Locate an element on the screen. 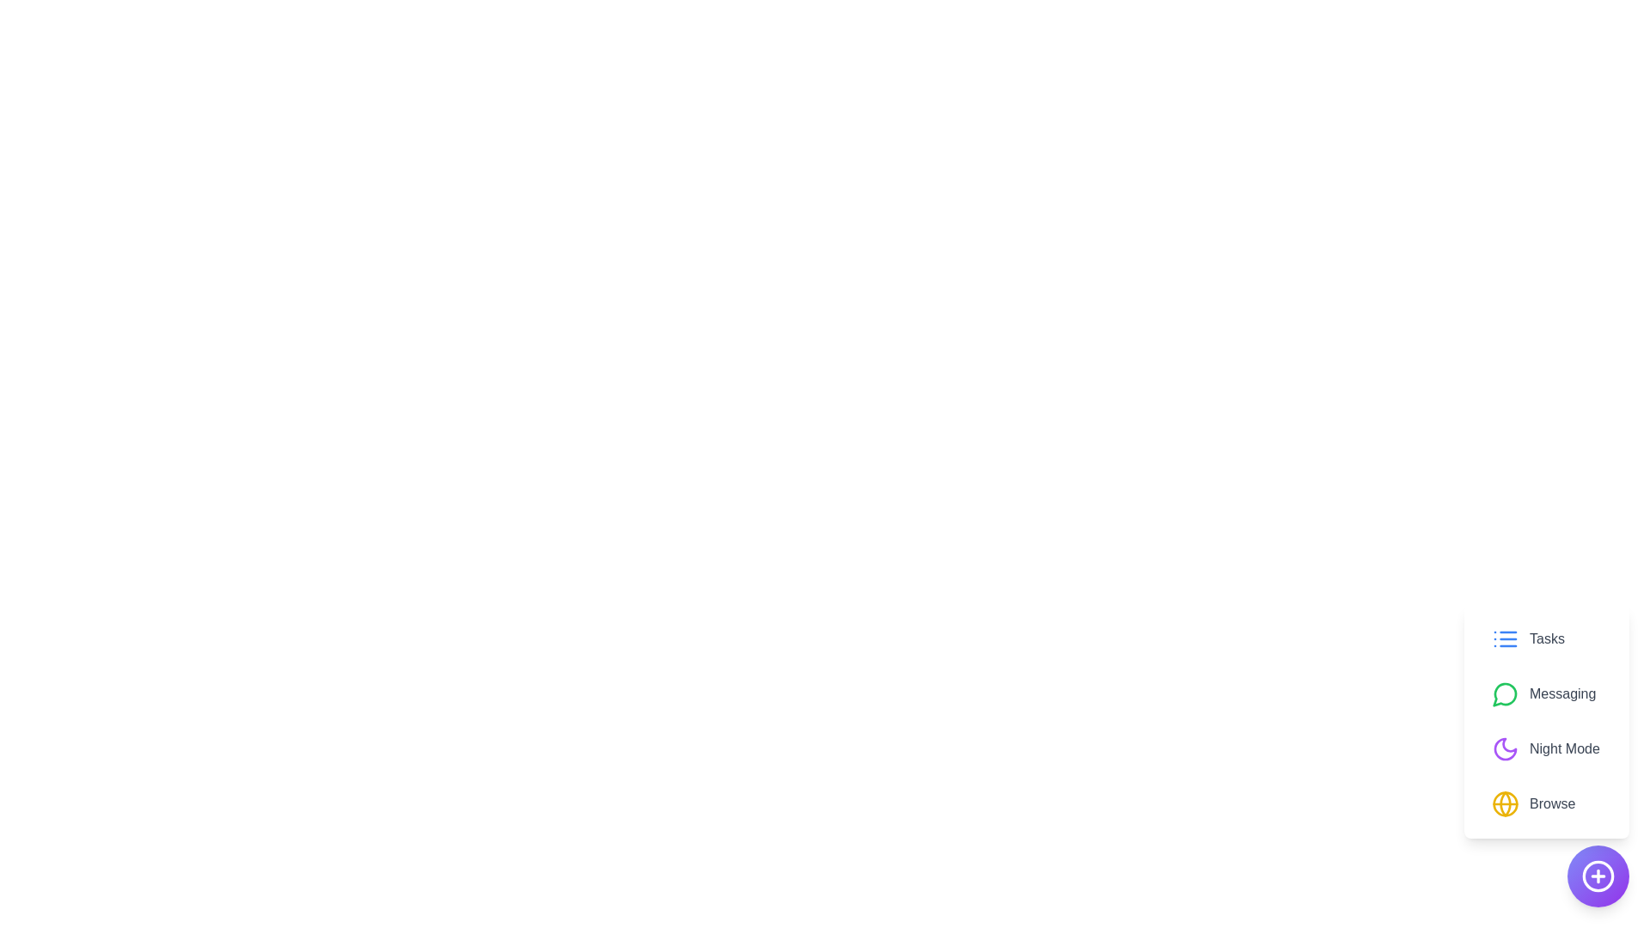 The width and height of the screenshot is (1650, 928). main button to toggle the menu visibility is located at coordinates (1598, 876).